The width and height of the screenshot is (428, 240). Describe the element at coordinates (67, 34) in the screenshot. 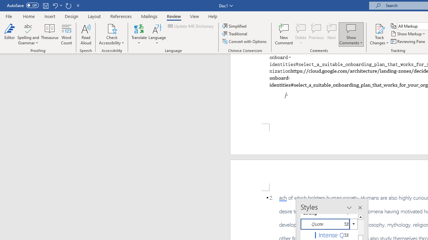

I see `'Word Count'` at that location.